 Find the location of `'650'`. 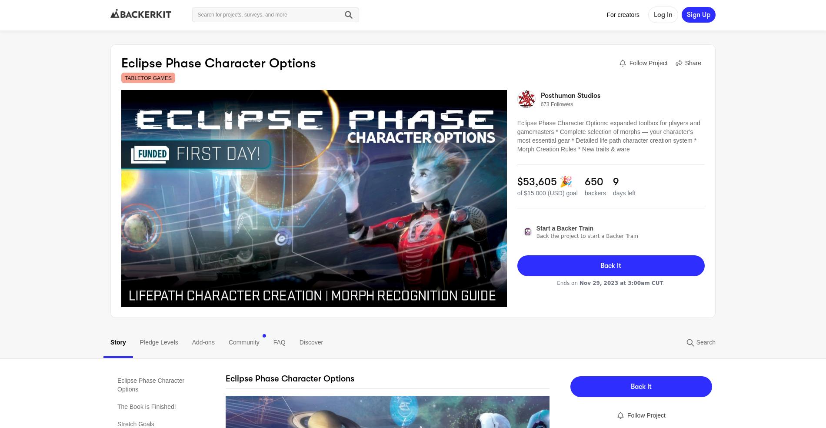

'650' is located at coordinates (593, 182).